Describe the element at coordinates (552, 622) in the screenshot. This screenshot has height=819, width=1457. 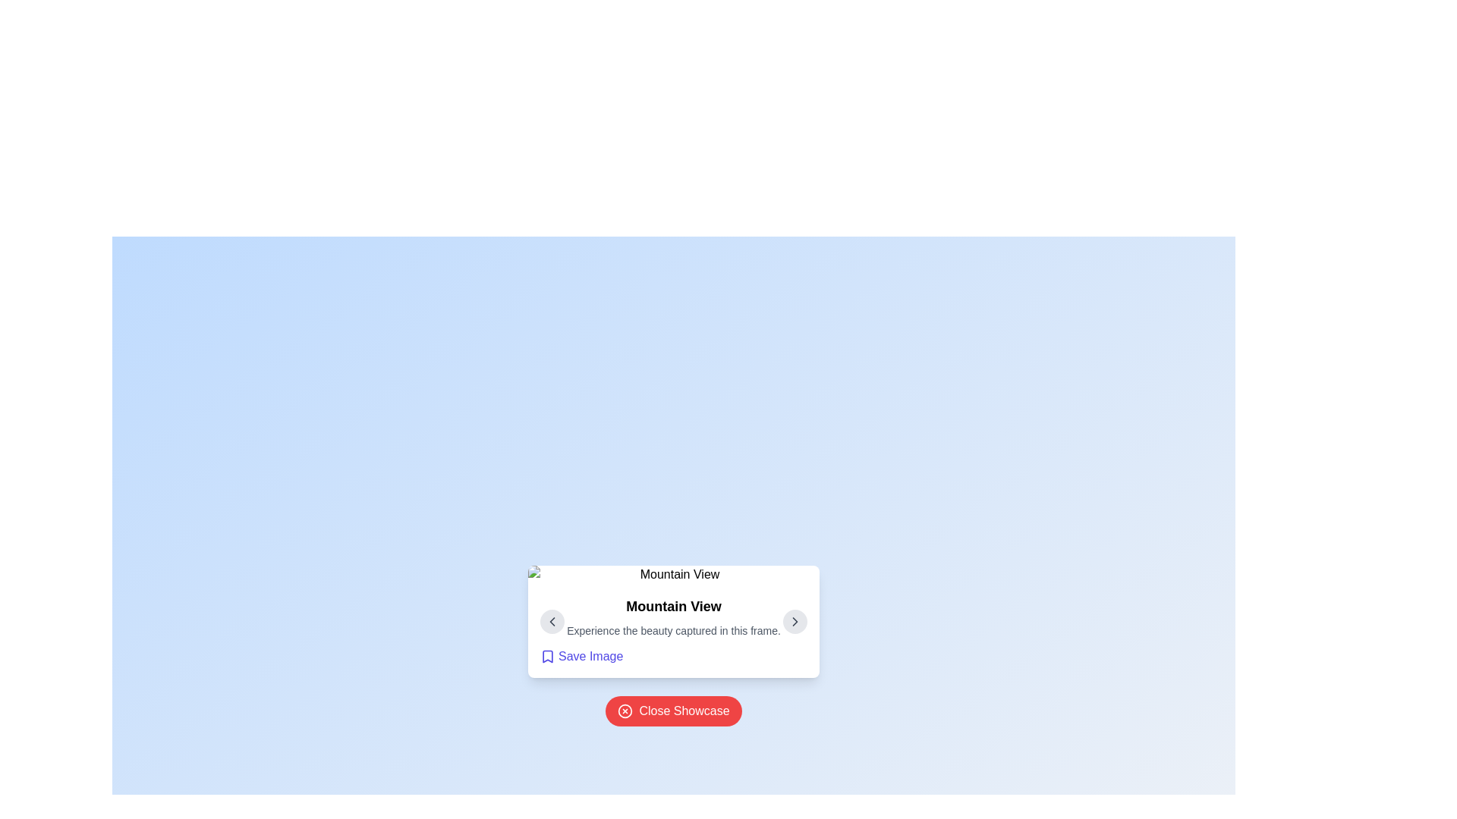
I see `the left-pointing chevron icon` at that location.